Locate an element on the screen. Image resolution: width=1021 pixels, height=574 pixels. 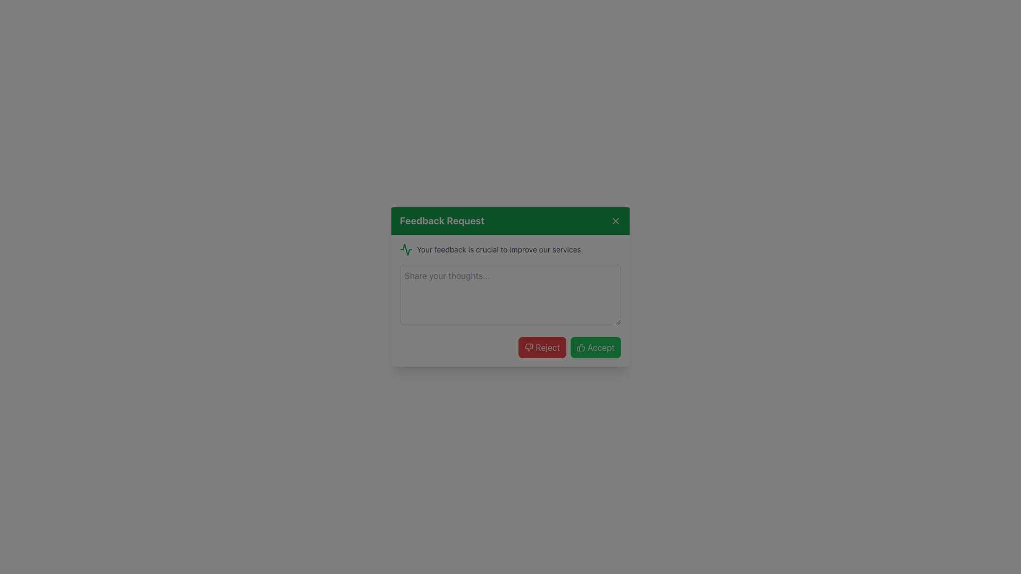
the label displaying 'Your feedback is crucial to improve our services.' with a green pulse-shaped icon, located in the dialog box titled 'Feedback Request' is located at coordinates (510, 250).